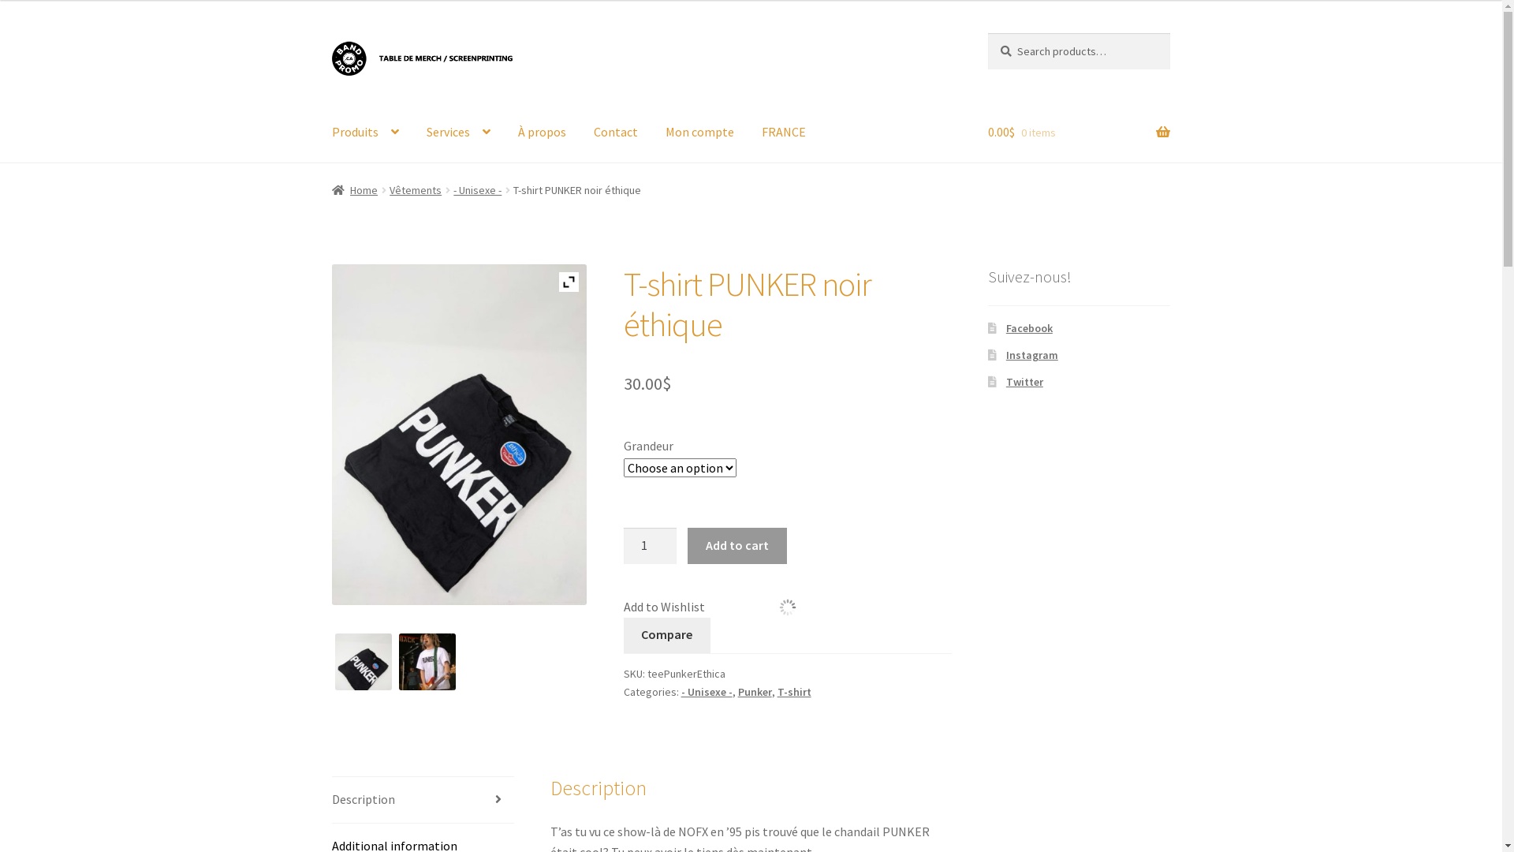 This screenshot has height=852, width=1514. What do you see at coordinates (354, 189) in the screenshot?
I see `'Home'` at bounding box center [354, 189].